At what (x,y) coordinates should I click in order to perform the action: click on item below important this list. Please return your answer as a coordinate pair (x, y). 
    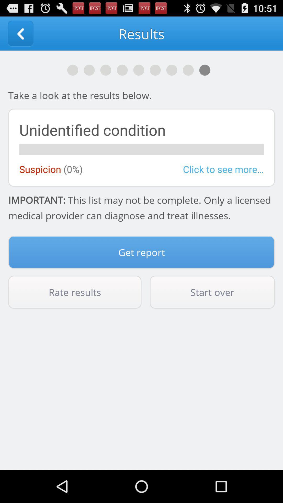
    Looking at the image, I should click on (141, 252).